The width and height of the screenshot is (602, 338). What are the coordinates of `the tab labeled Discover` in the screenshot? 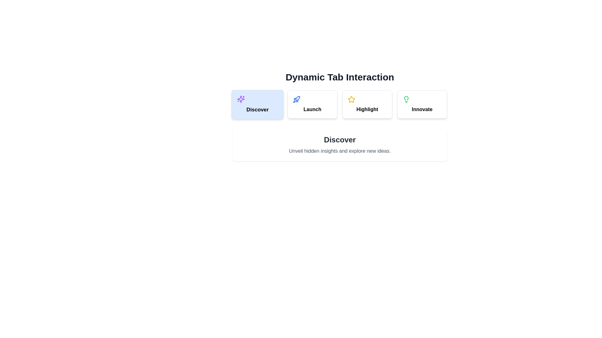 It's located at (257, 104).